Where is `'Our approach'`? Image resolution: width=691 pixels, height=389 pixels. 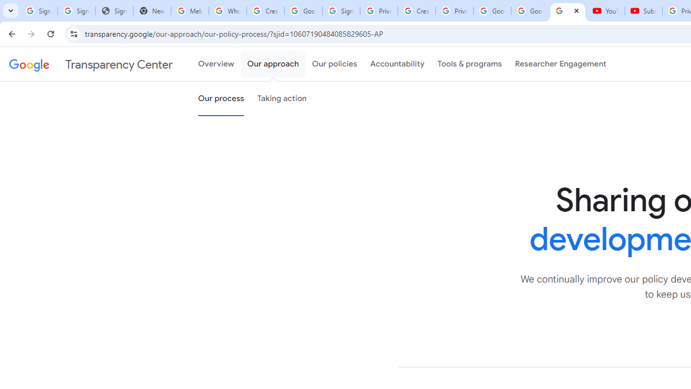
'Our approach' is located at coordinates (273, 64).